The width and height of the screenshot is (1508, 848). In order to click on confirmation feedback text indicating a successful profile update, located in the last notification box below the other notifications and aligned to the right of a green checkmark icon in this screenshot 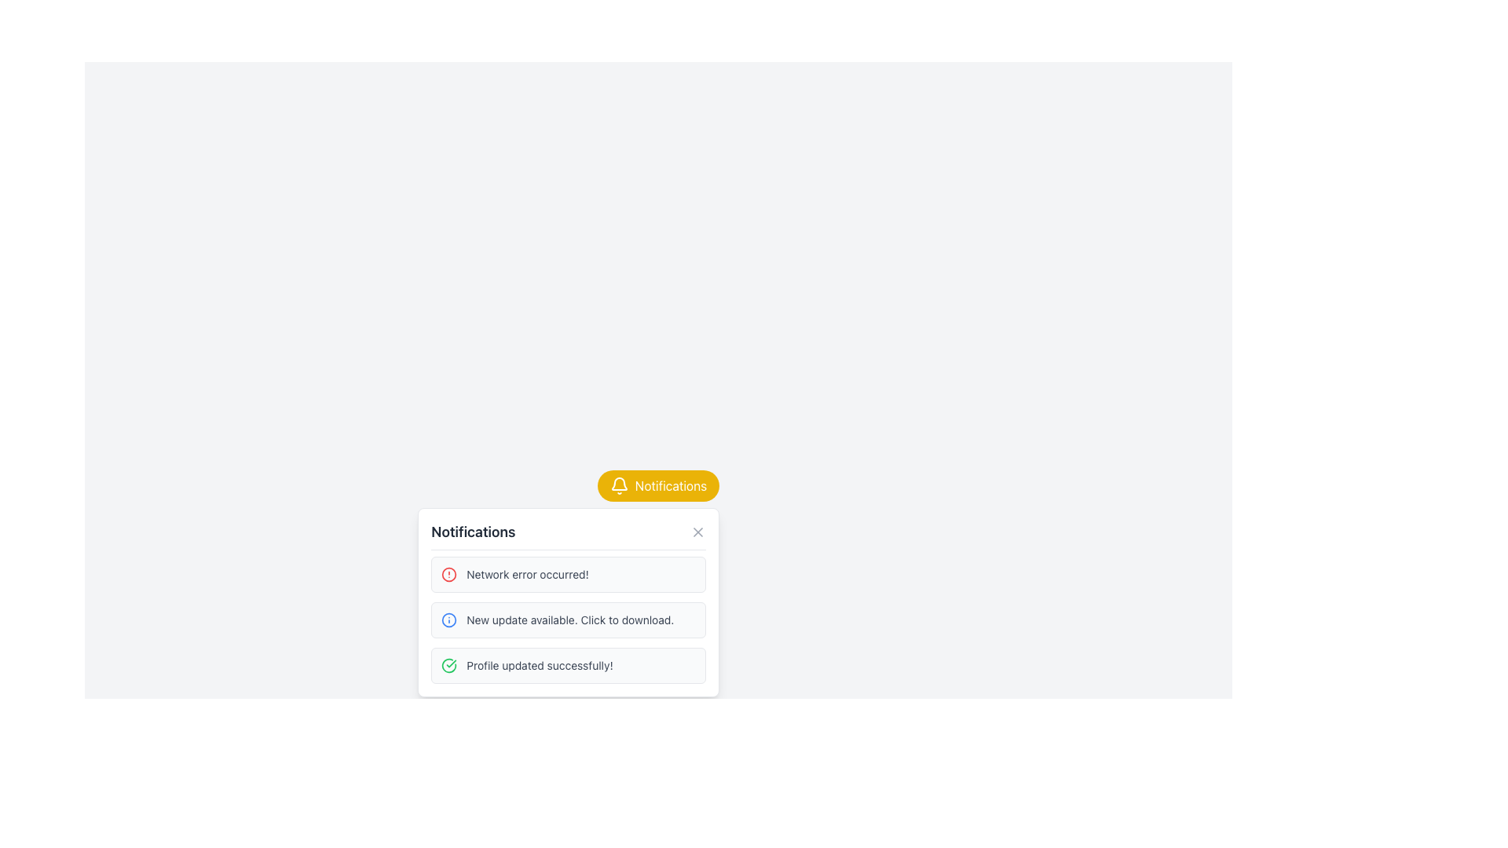, I will do `click(540, 666)`.